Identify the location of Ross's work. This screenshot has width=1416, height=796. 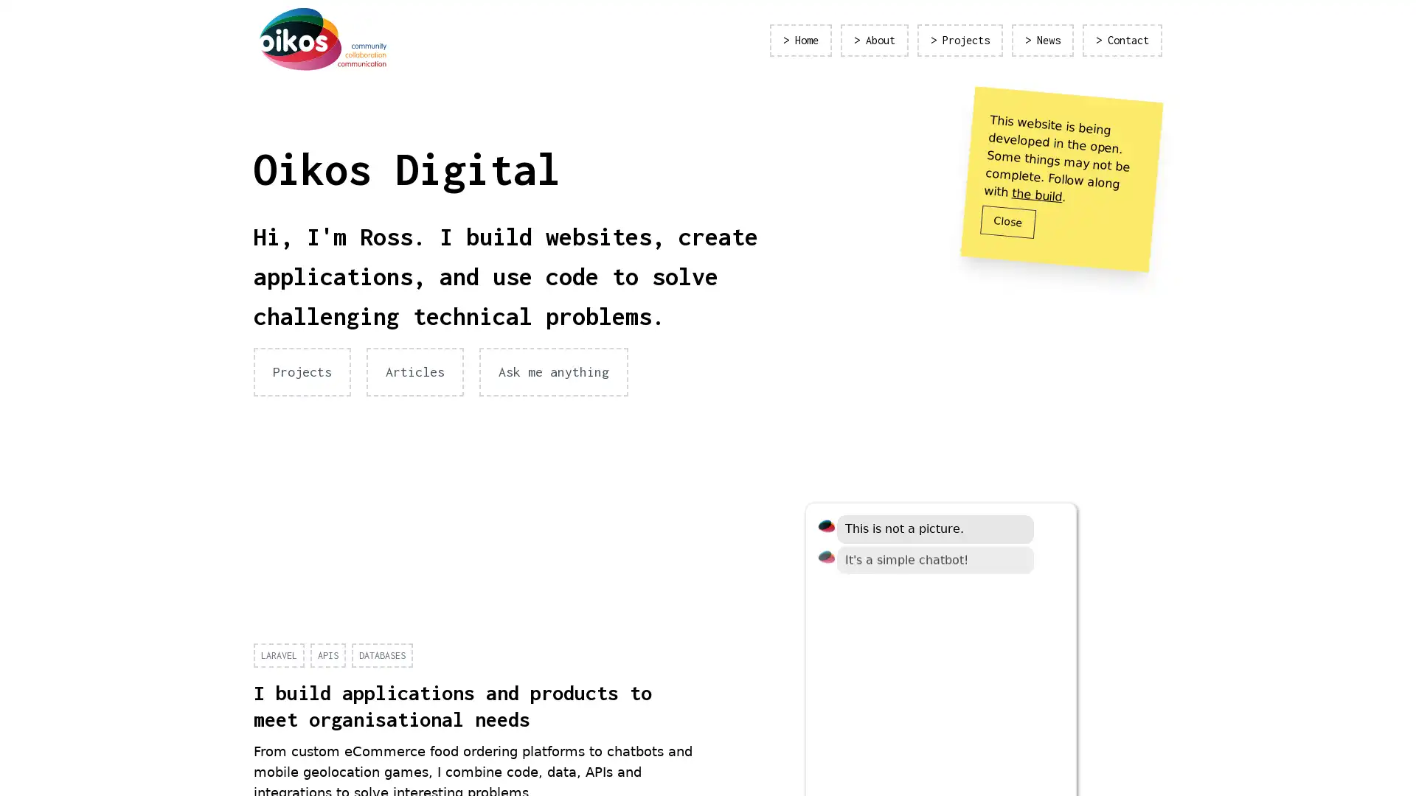
(874, 679).